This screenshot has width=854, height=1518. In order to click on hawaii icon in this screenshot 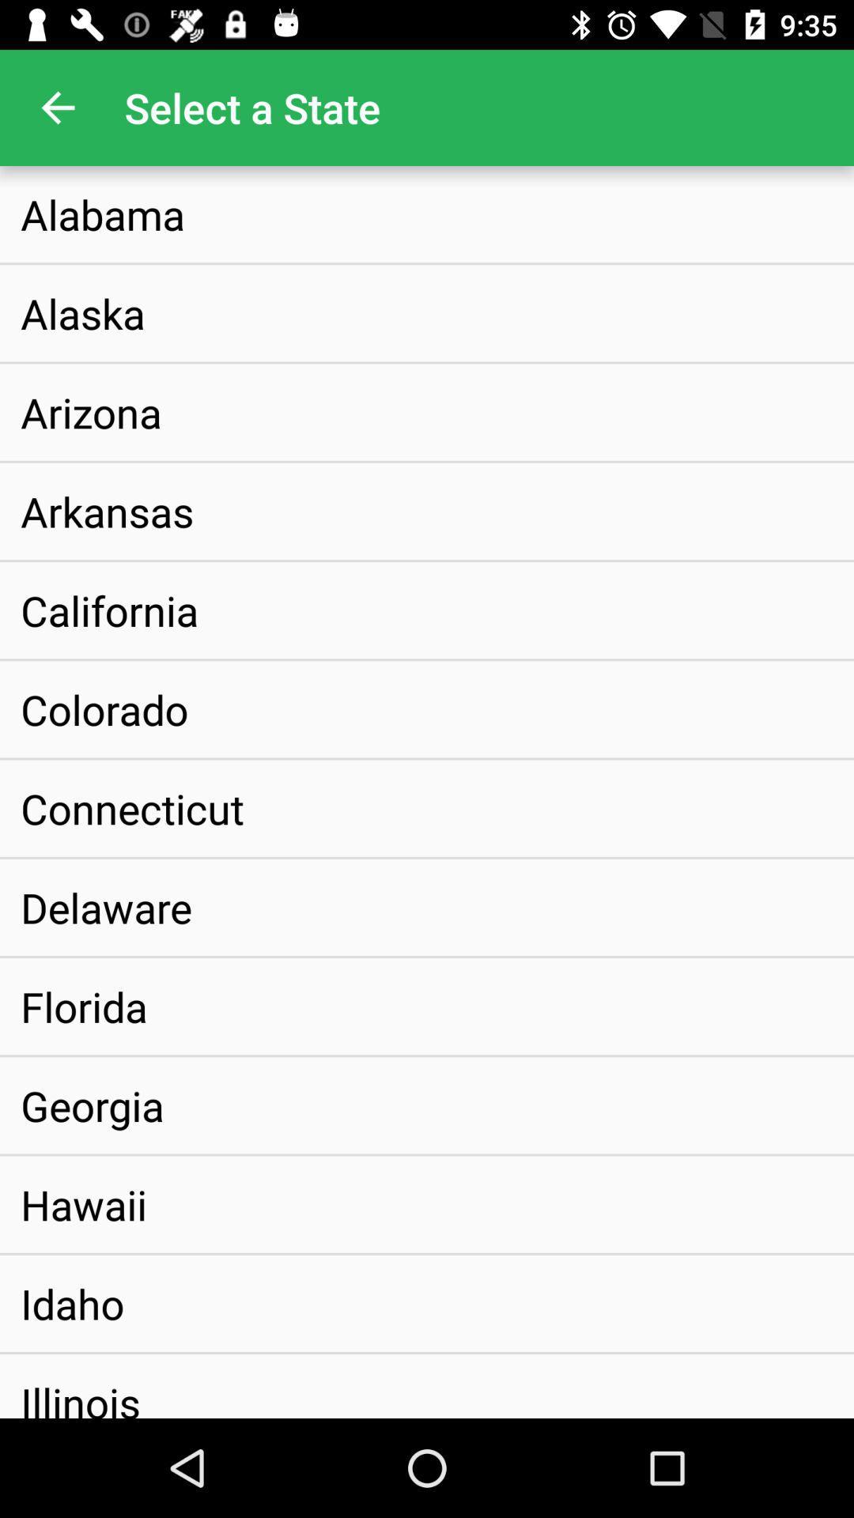, I will do `click(84, 1203)`.